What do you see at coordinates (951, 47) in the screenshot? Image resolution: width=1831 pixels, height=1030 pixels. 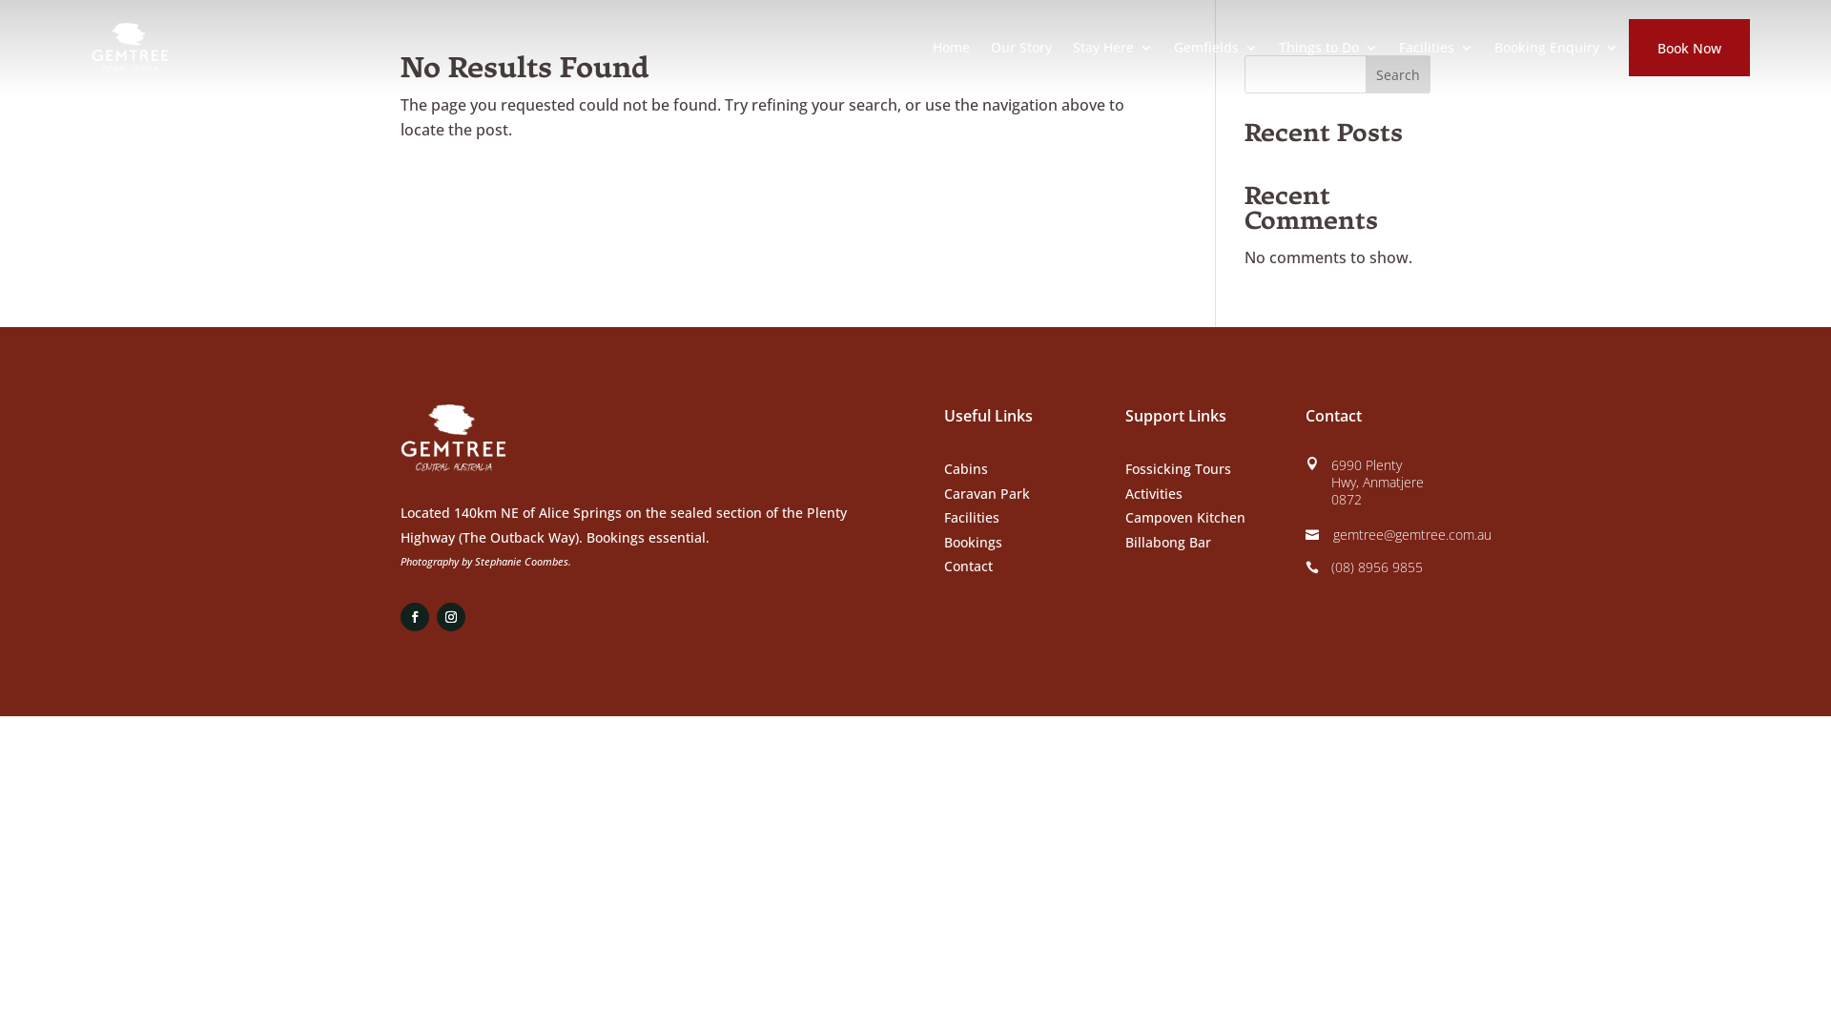 I see `'Home'` at bounding box center [951, 47].